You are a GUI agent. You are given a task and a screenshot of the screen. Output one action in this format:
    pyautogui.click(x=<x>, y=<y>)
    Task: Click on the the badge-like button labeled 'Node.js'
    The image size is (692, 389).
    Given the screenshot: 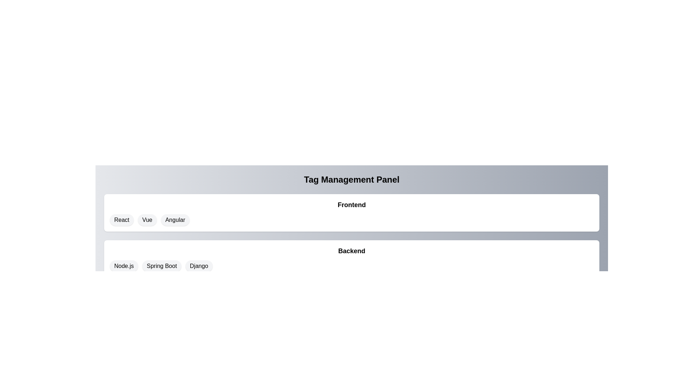 What is the action you would take?
    pyautogui.click(x=124, y=266)
    